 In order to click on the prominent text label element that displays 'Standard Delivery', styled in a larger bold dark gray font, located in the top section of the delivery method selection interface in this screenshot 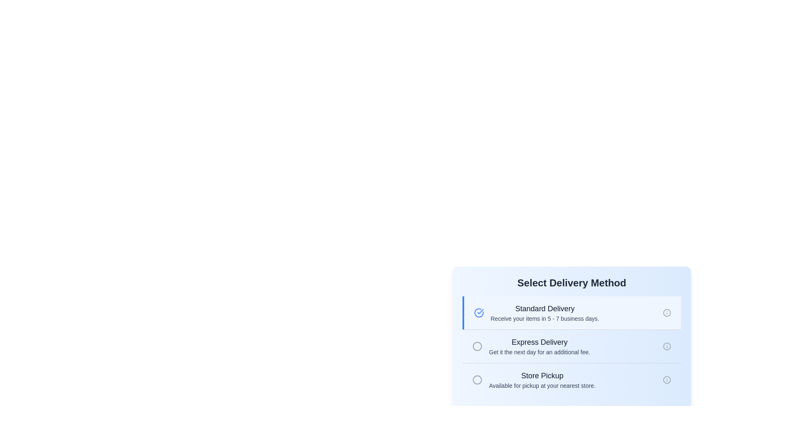, I will do `click(545, 308)`.